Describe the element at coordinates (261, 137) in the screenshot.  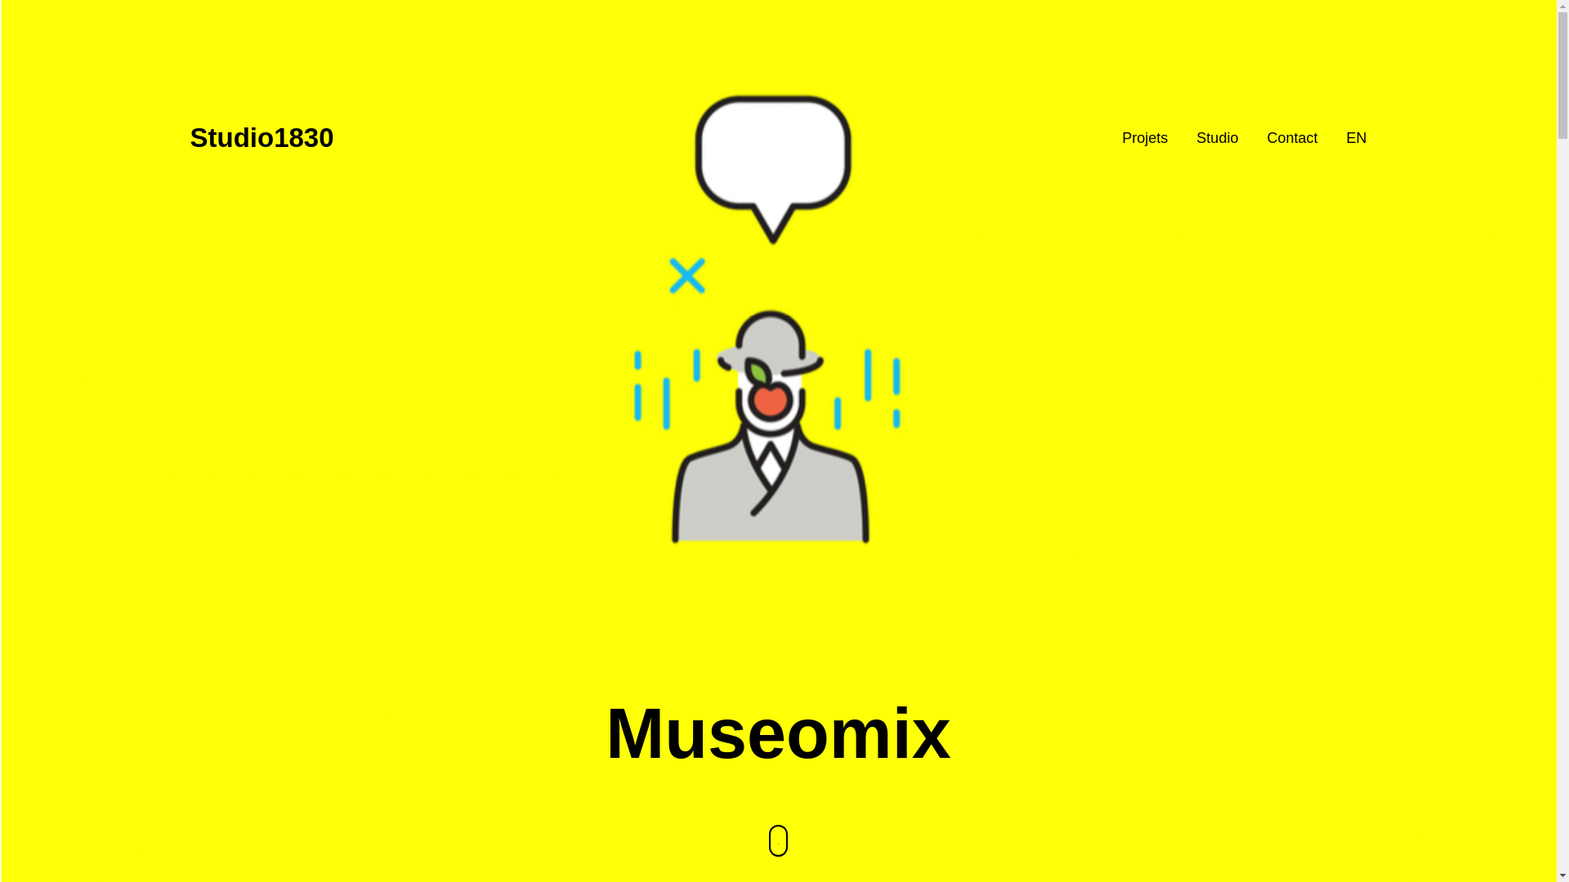
I see `'Studio1830'` at that location.